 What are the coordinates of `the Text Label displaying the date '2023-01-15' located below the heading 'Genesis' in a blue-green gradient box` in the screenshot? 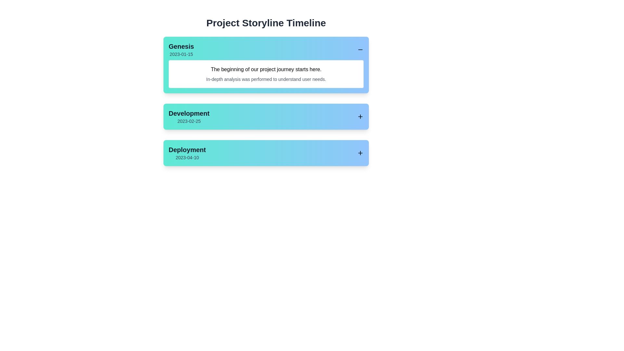 It's located at (181, 54).